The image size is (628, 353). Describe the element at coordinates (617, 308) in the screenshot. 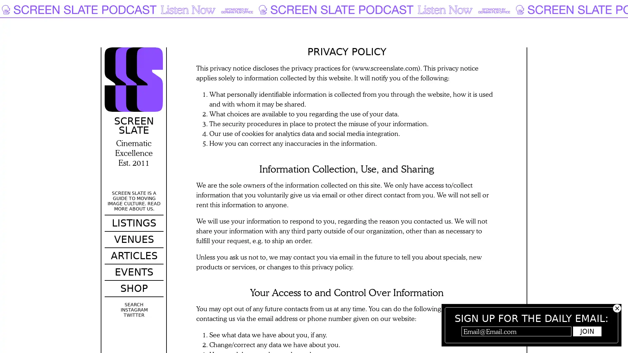

I see `Hide subscribe popup` at that location.